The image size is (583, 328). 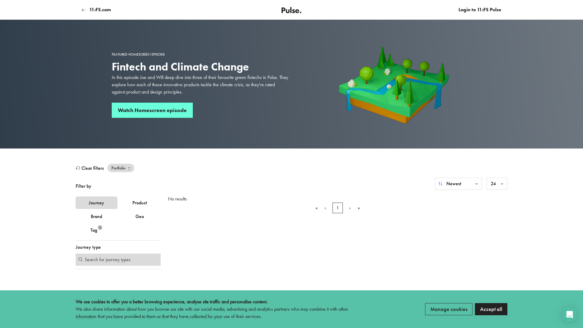 What do you see at coordinates (337, 207) in the screenshot?
I see `'1'` at bounding box center [337, 207].